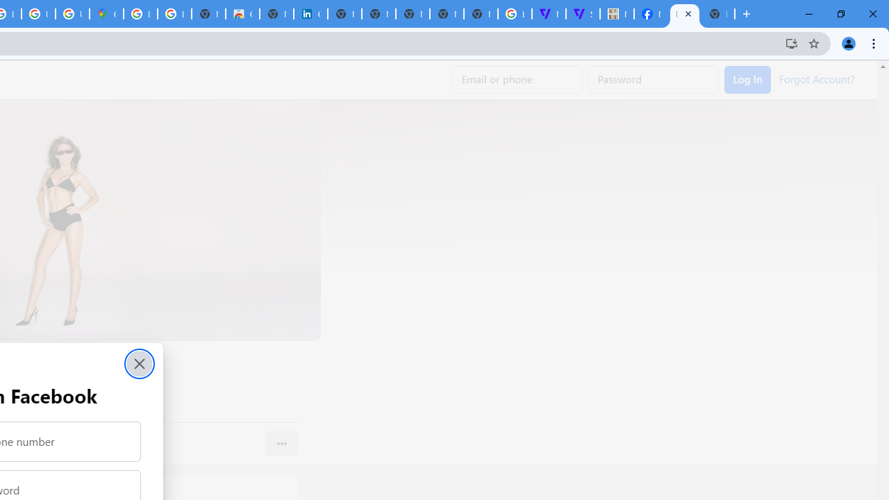 The image size is (889, 500). What do you see at coordinates (517, 80) in the screenshot?
I see `'Email or phone'` at bounding box center [517, 80].